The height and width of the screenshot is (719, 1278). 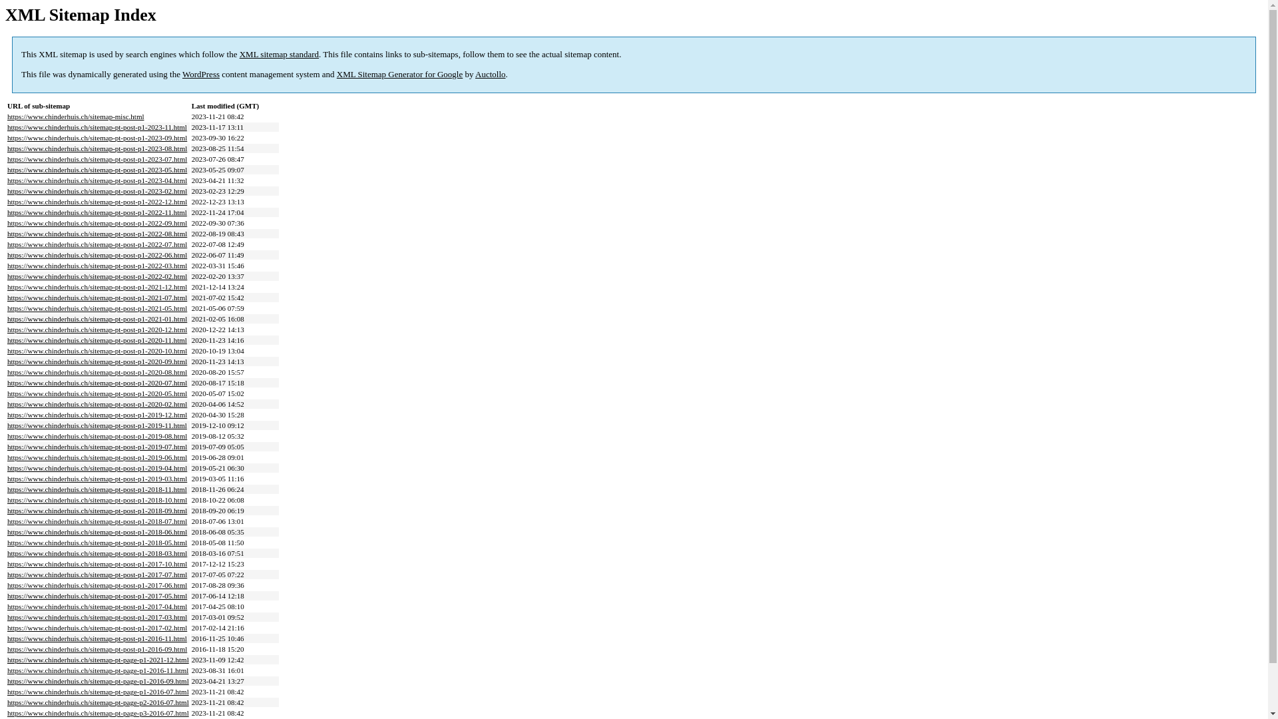 I want to click on 'https://www.chinderhuis.ch/sitemap-pt-post-p1-2022-08.html', so click(x=96, y=233).